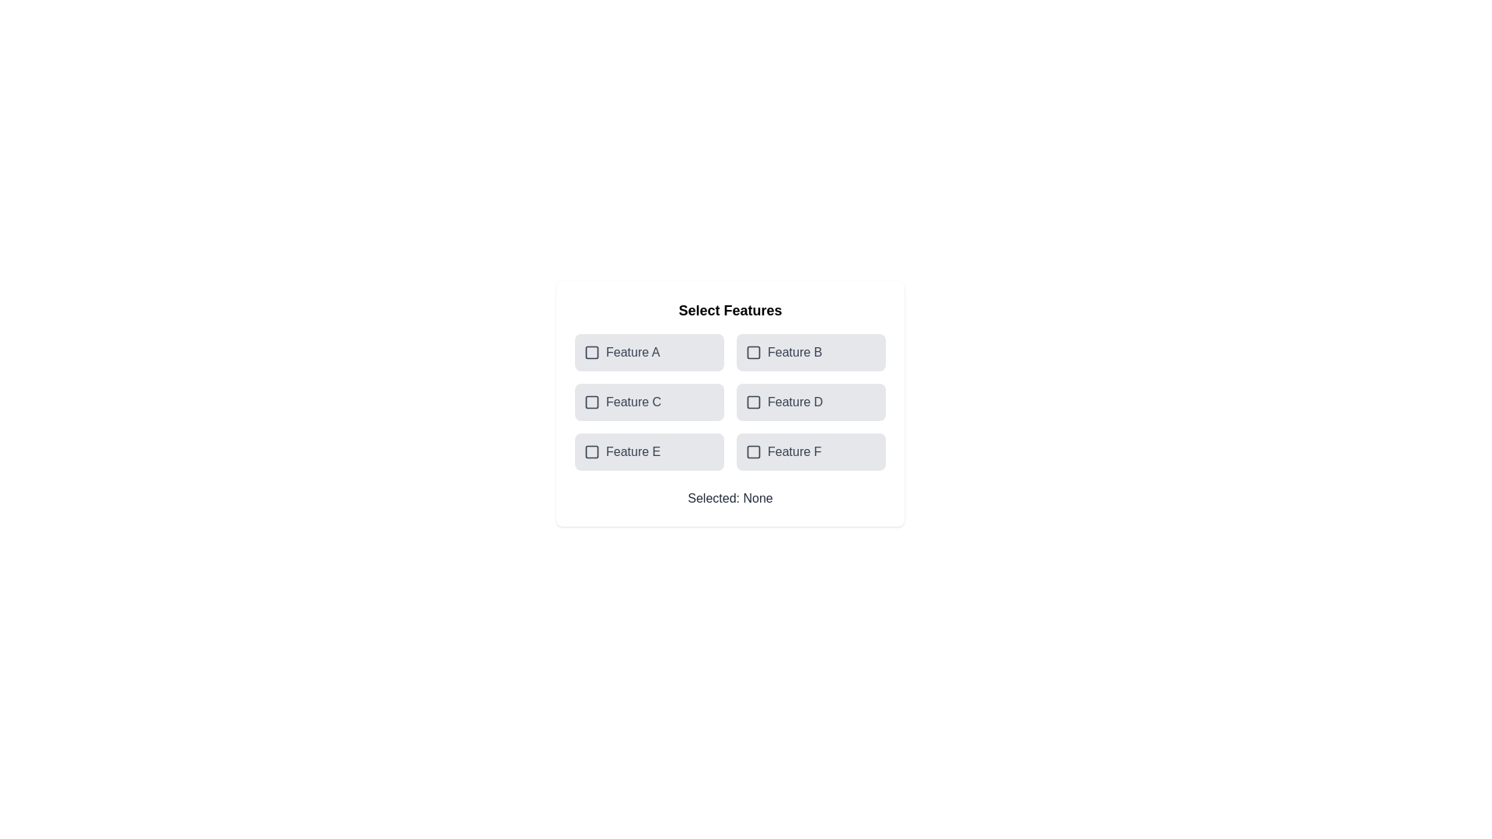  I want to click on the text label 'Feature B' which is part of a selectable feature option and is located to the right of its accompanying checkbox icon, so click(795, 353).